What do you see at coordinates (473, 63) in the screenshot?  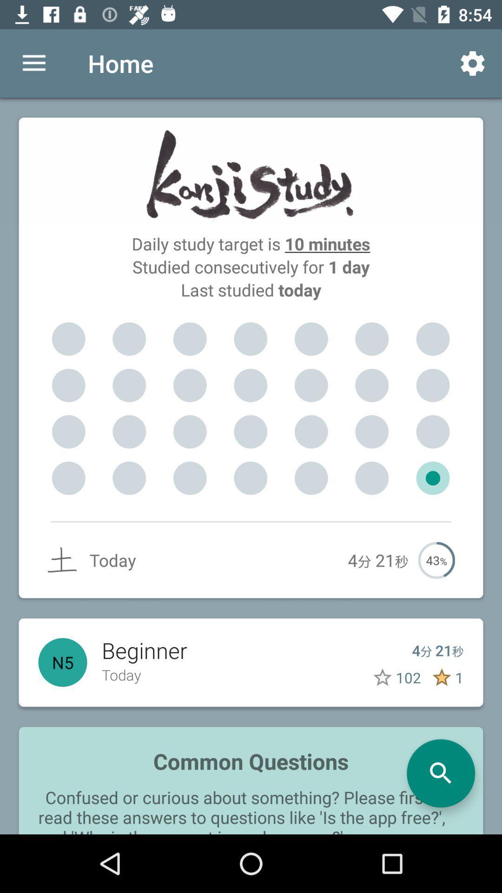 I see `icon at the top right corner` at bounding box center [473, 63].